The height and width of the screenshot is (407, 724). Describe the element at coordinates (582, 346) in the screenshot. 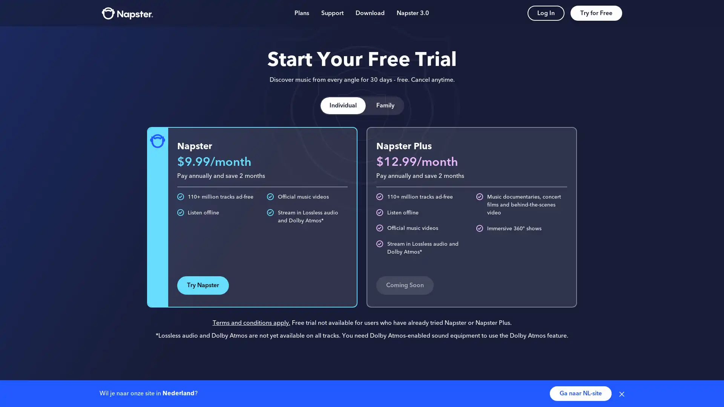

I see `Reject` at that location.